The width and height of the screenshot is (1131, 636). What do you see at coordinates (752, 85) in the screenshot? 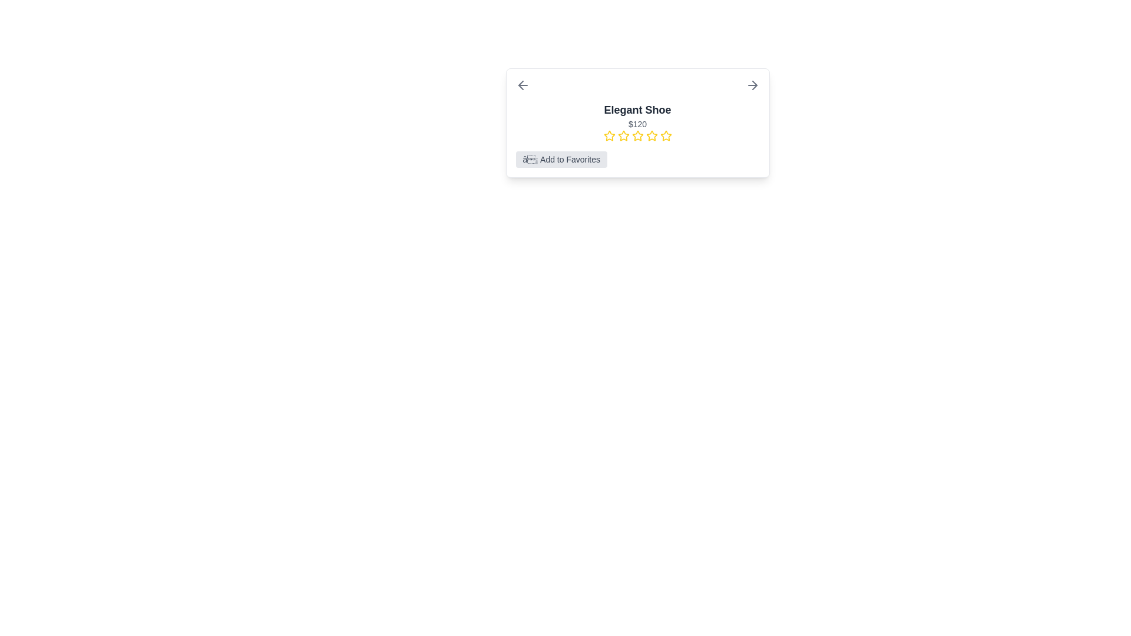
I see `the navigational button located at the far right of the header section of the card UI component` at bounding box center [752, 85].